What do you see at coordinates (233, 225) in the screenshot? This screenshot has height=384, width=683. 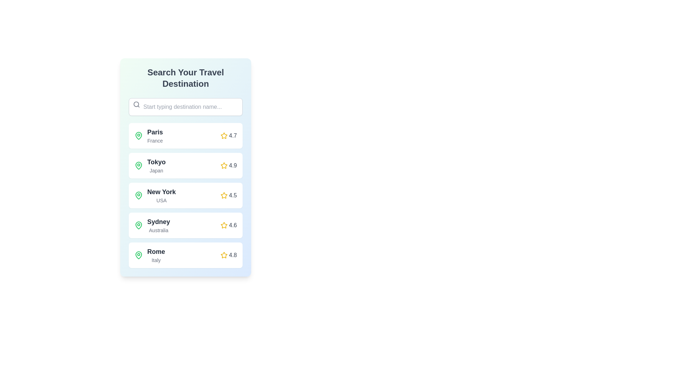 I see `the numeric text label displaying '4.6', which is styled with a medium-weight font and a gray color scheme, indicating a rating, located in the fourth row of travel destinations, to the right of a yellow star icon and aligned with 'Sydney'` at bounding box center [233, 225].